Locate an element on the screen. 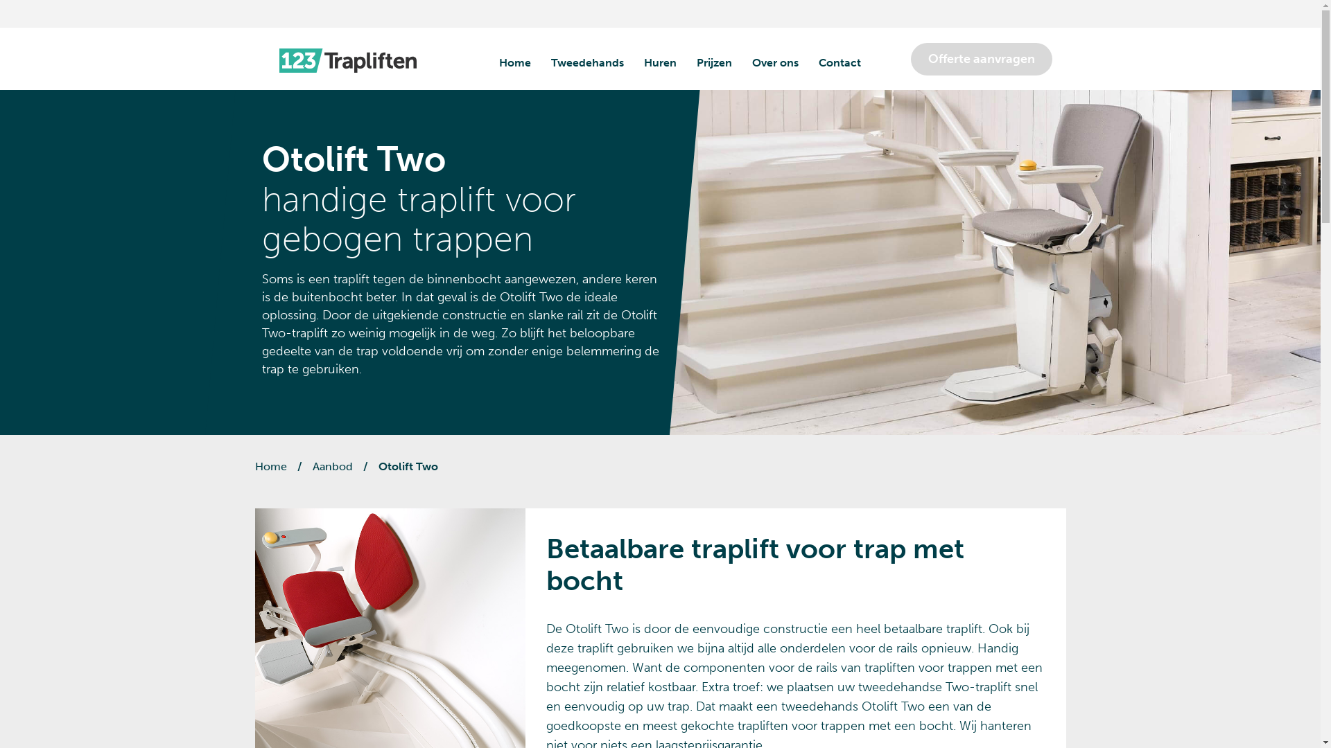 The image size is (1331, 748). 'Aanbod' is located at coordinates (331, 466).